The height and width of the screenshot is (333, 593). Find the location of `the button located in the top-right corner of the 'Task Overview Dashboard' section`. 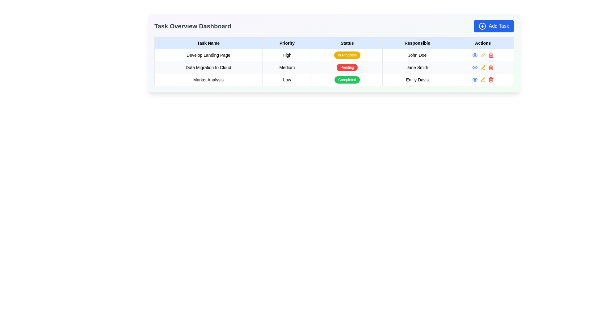

the button located in the top-right corner of the 'Task Overview Dashboard' section is located at coordinates (493, 26).